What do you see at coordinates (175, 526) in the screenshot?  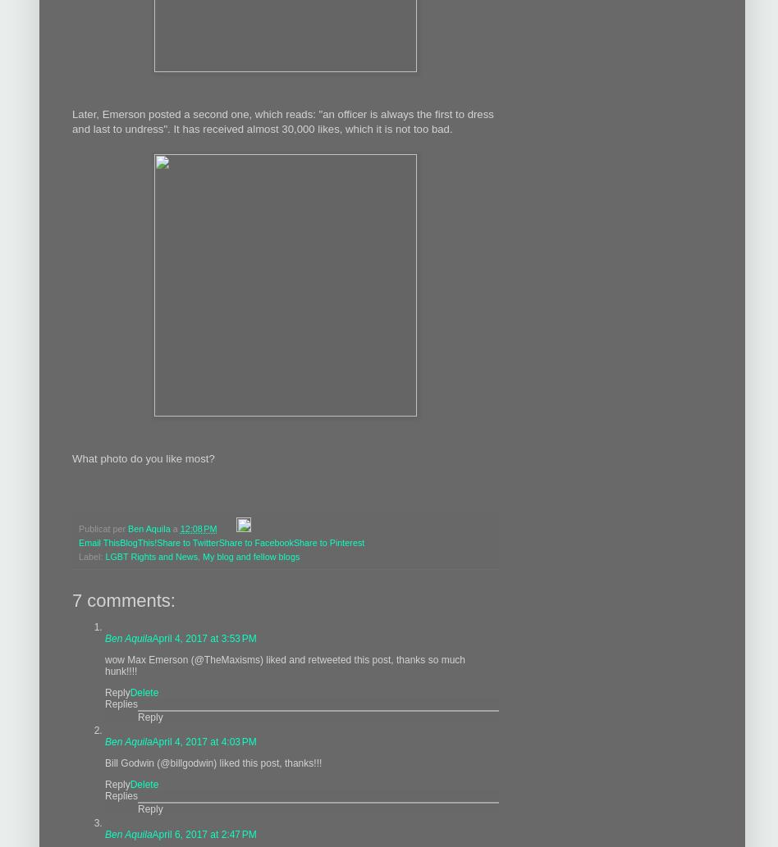 I see `'a'` at bounding box center [175, 526].